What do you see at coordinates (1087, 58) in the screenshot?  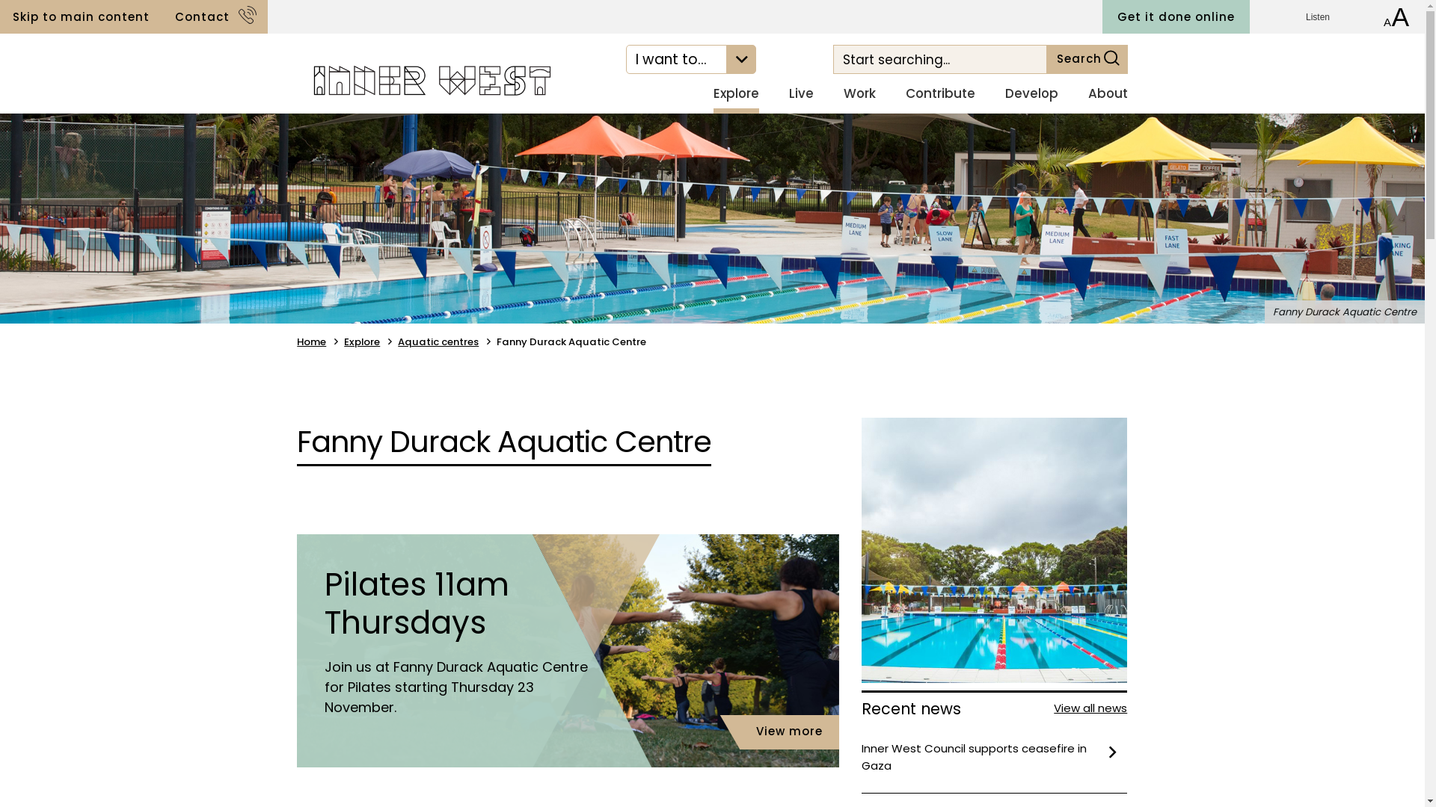 I see `'Search'` at bounding box center [1087, 58].